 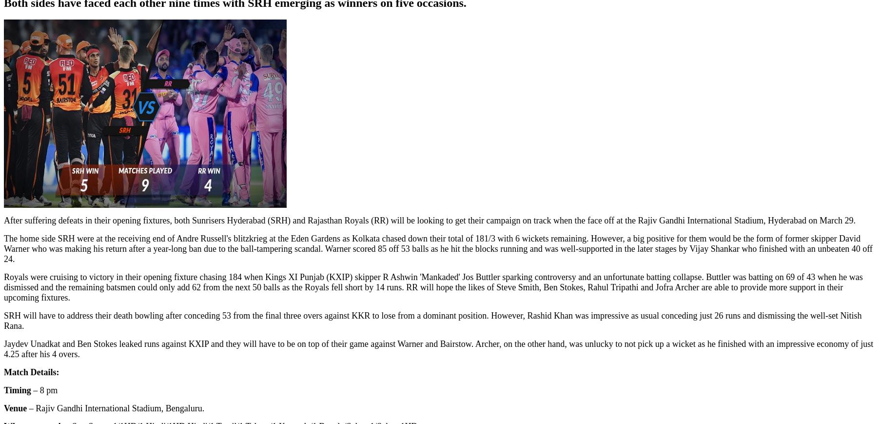 What do you see at coordinates (433, 287) in the screenshot?
I see `'Royals were cruising to victory in their opening fixture chasing 184 when Kings XI Punjab (KXIP) skipper R Ashwin 'Mankaded' Jos Buttler sparking controversy and an unfortunate batting collapse. Buttler was batting on 69 of 43 when he was dismissed and the remaining batsmen could only add 62 from the next 50 balls as the Royals fell short by 14 runs. RR will hope the likes of Steve Smith, Ben Stokes, Rahul Tripathi and Jofra Archer are able to provide more support in their upcoming fixtures.'` at bounding box center [433, 287].